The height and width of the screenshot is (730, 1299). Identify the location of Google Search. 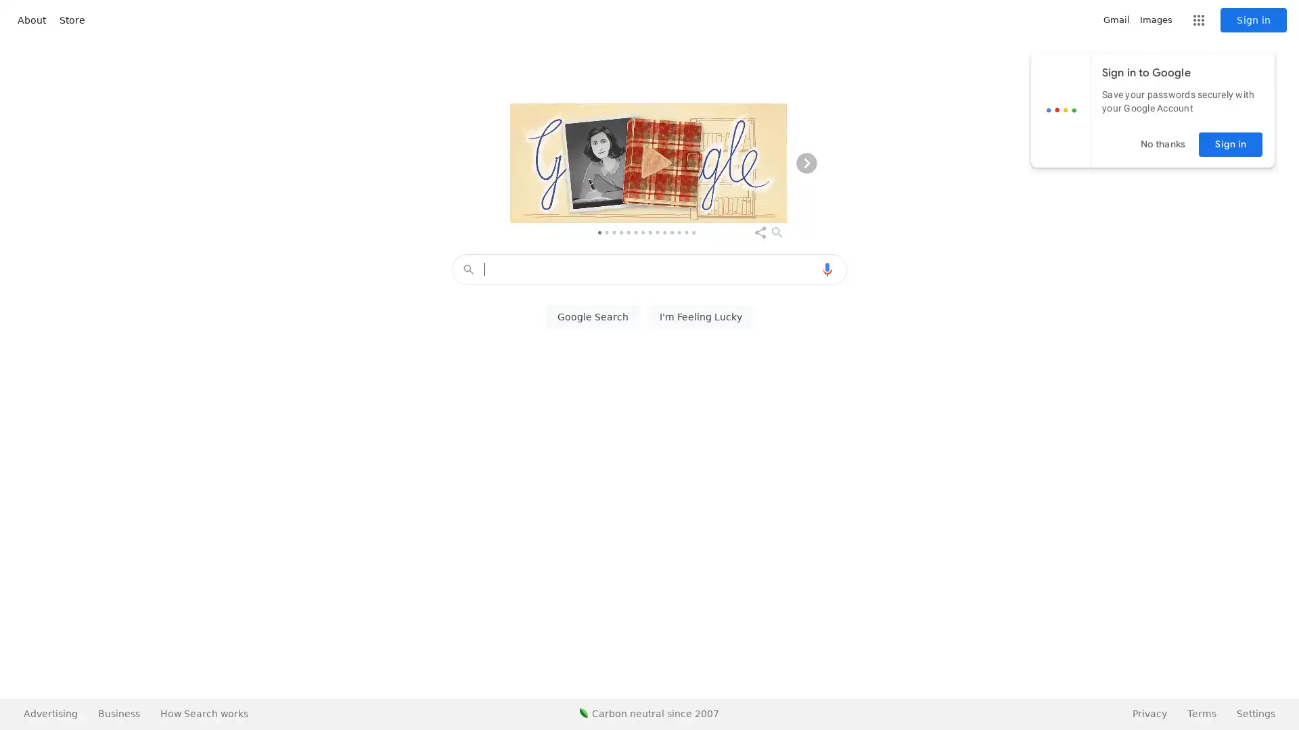
(592, 317).